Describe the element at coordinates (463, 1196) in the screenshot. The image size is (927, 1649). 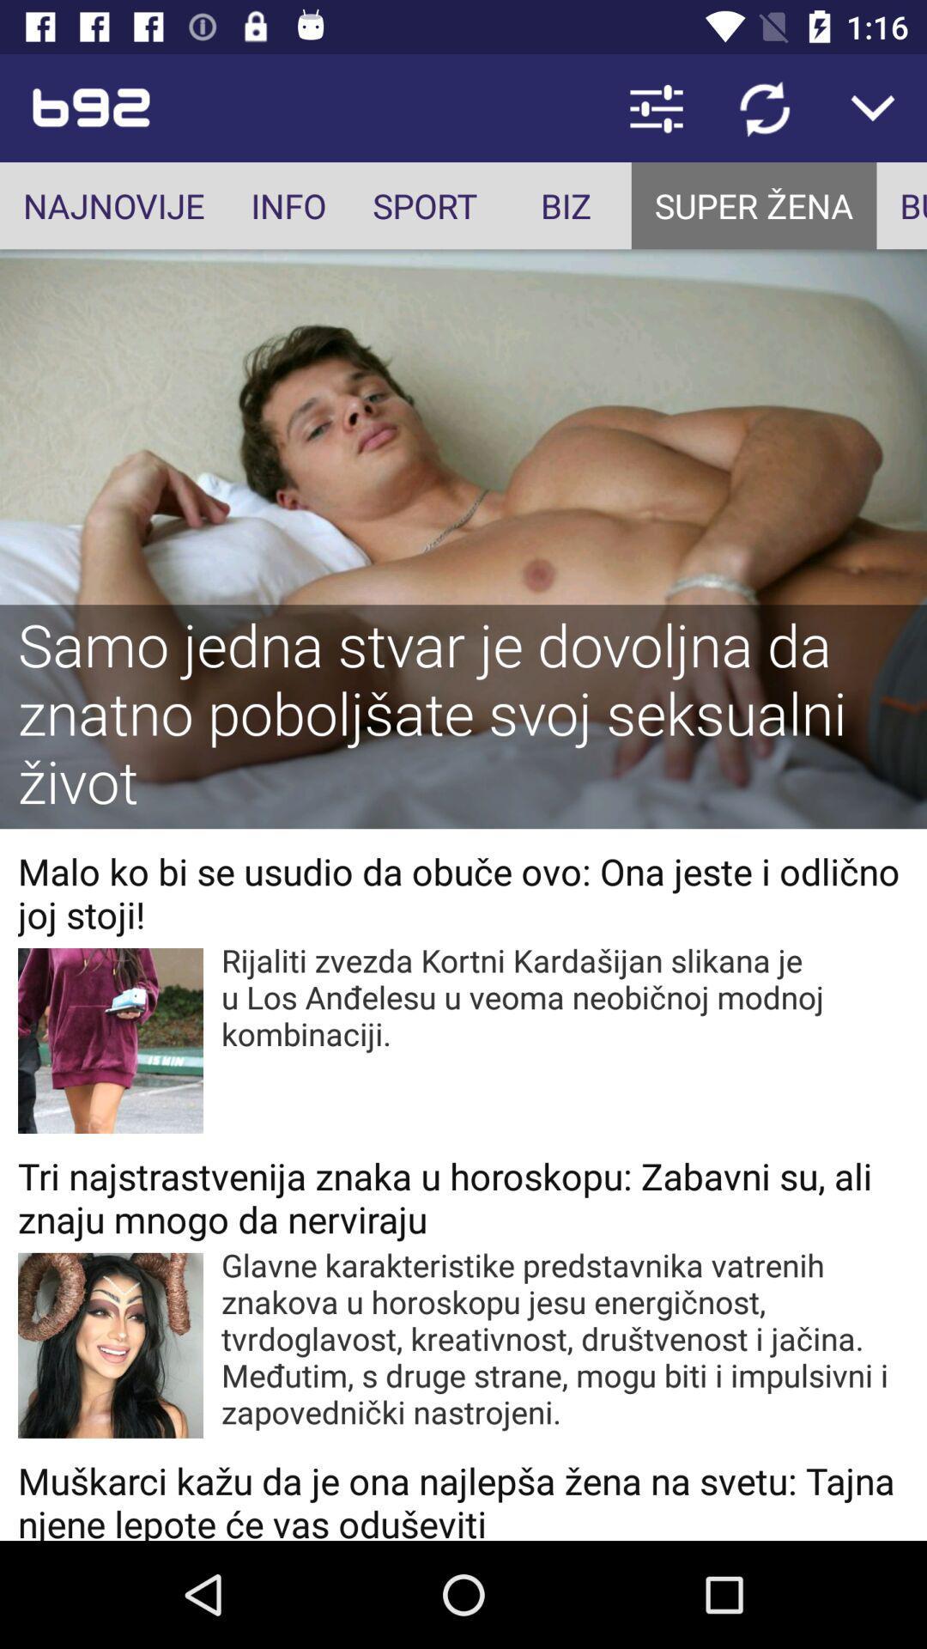
I see `icon above the glavne karakteristike predstavnika item` at that location.